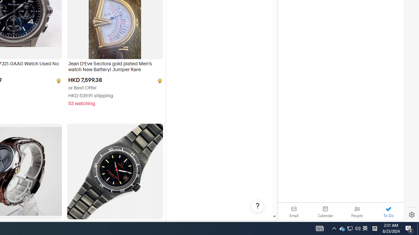 The width and height of the screenshot is (419, 235). I want to click on '[object Undefined]', so click(159, 80).